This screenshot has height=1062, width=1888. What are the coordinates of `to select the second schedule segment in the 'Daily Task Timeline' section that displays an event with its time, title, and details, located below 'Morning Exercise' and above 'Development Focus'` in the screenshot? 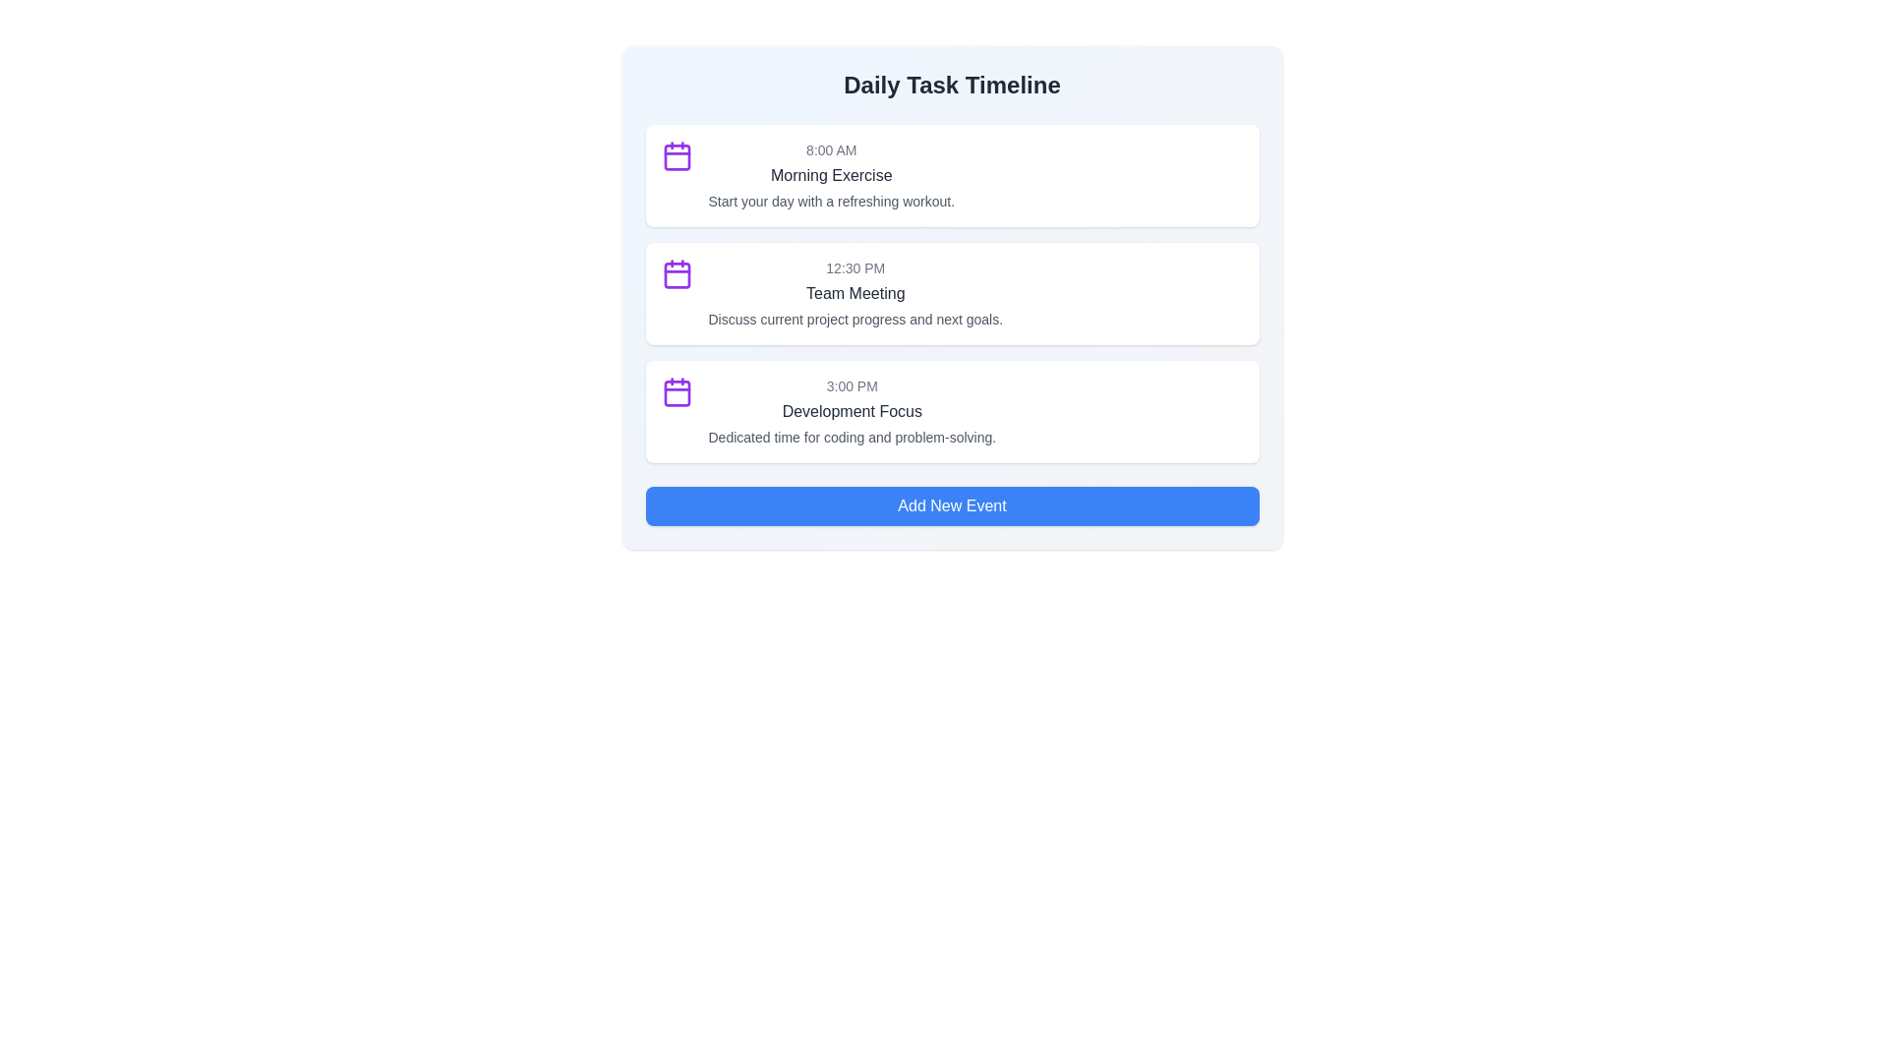 It's located at (952, 294).